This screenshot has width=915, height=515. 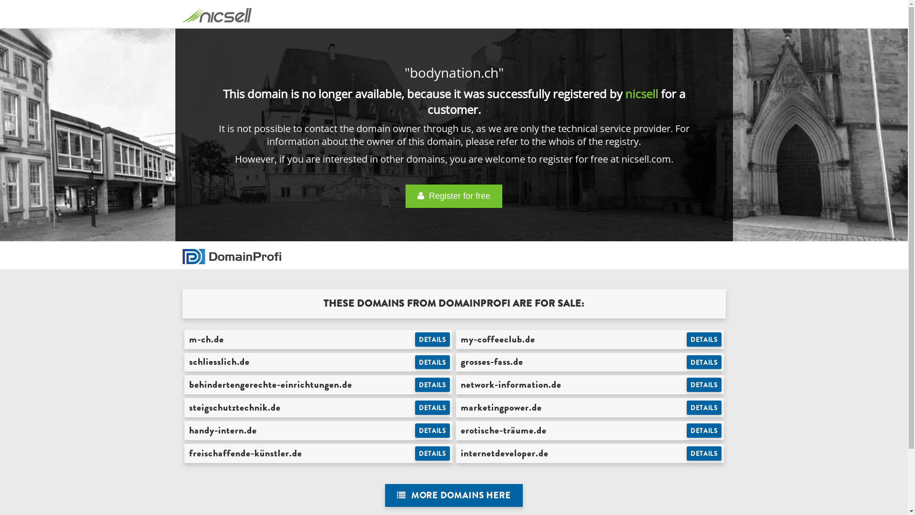 What do you see at coordinates (704, 430) in the screenshot?
I see `'DETAILS'` at bounding box center [704, 430].